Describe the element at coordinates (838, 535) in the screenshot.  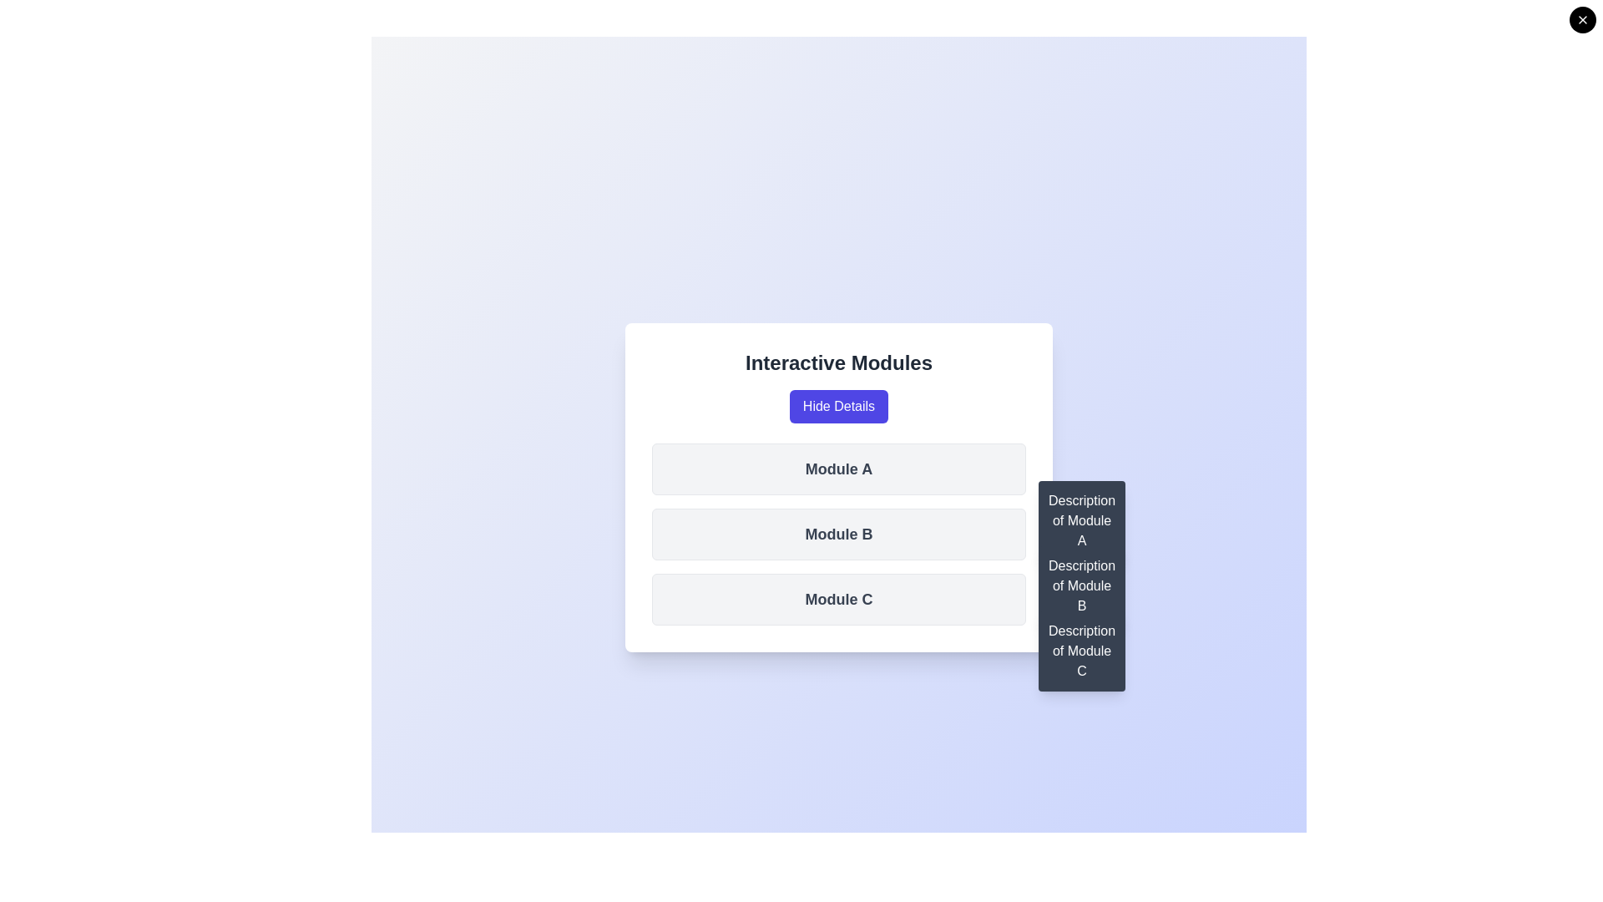
I see `the 'Module B' card, which is the second card in a vertically stacked list of modules, containing bold text in dark gray on a light gray background` at that location.